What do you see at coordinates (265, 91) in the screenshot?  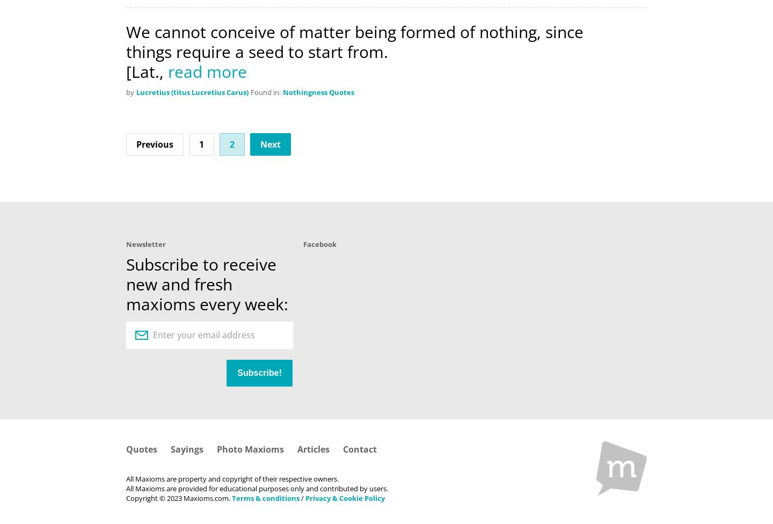 I see `'Found in:'` at bounding box center [265, 91].